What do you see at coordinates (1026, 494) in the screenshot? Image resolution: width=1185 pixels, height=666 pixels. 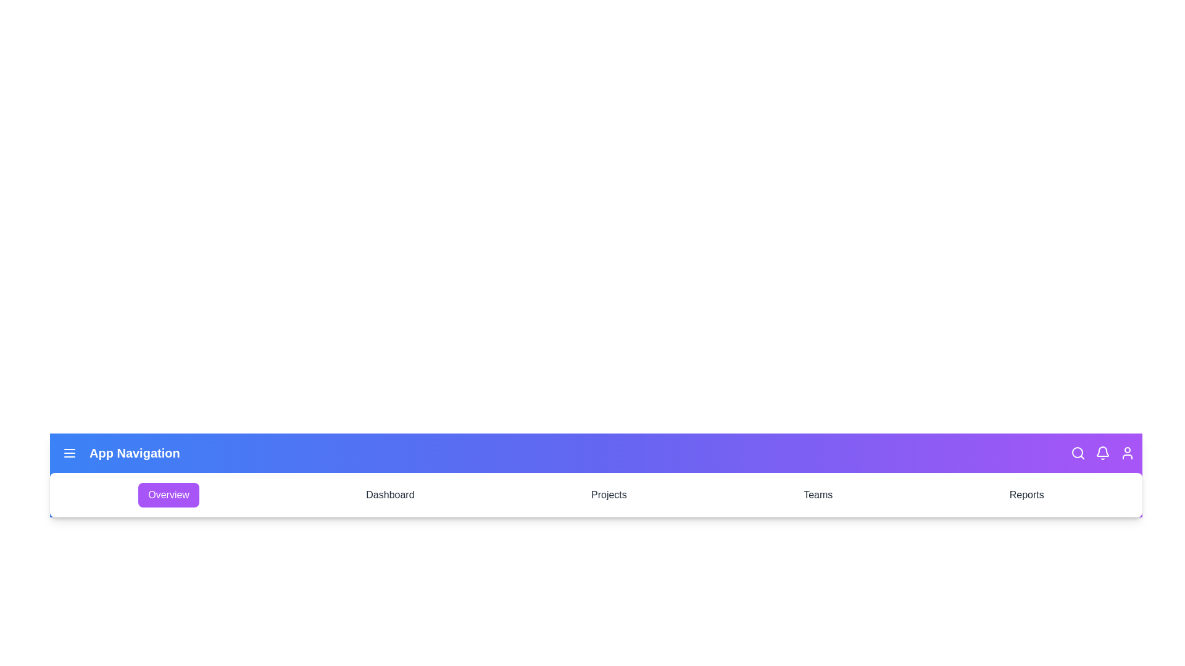 I see `the Reports tab to navigate to it` at bounding box center [1026, 494].